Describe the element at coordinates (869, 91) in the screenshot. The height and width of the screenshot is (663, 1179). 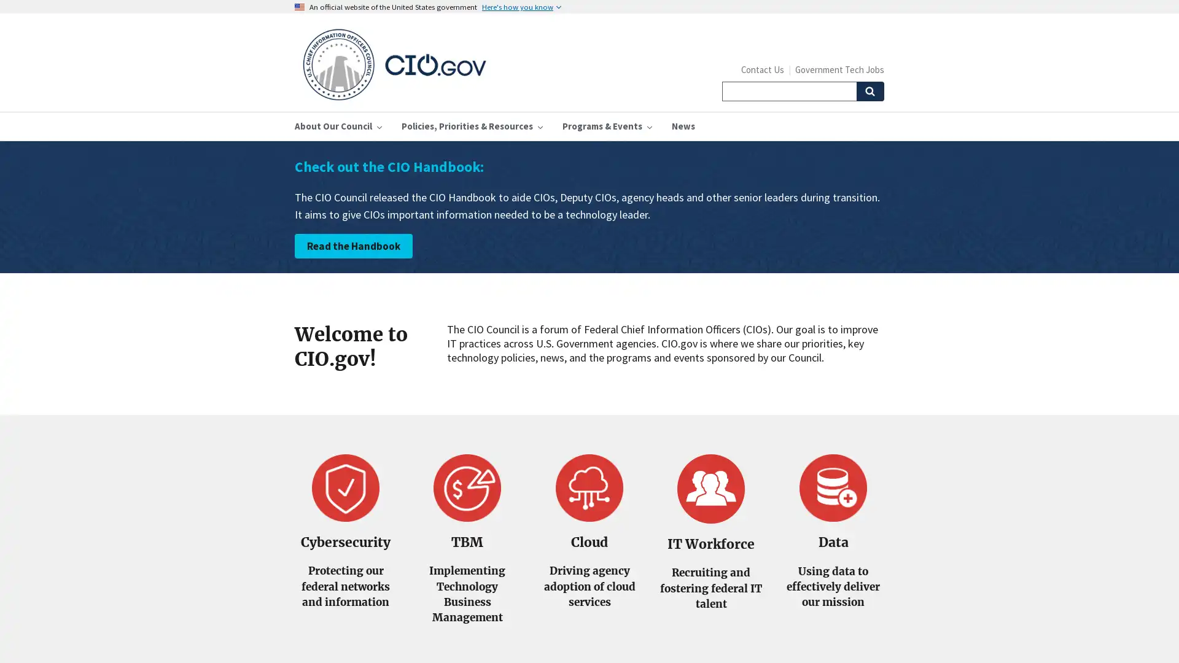
I see `Search` at that location.